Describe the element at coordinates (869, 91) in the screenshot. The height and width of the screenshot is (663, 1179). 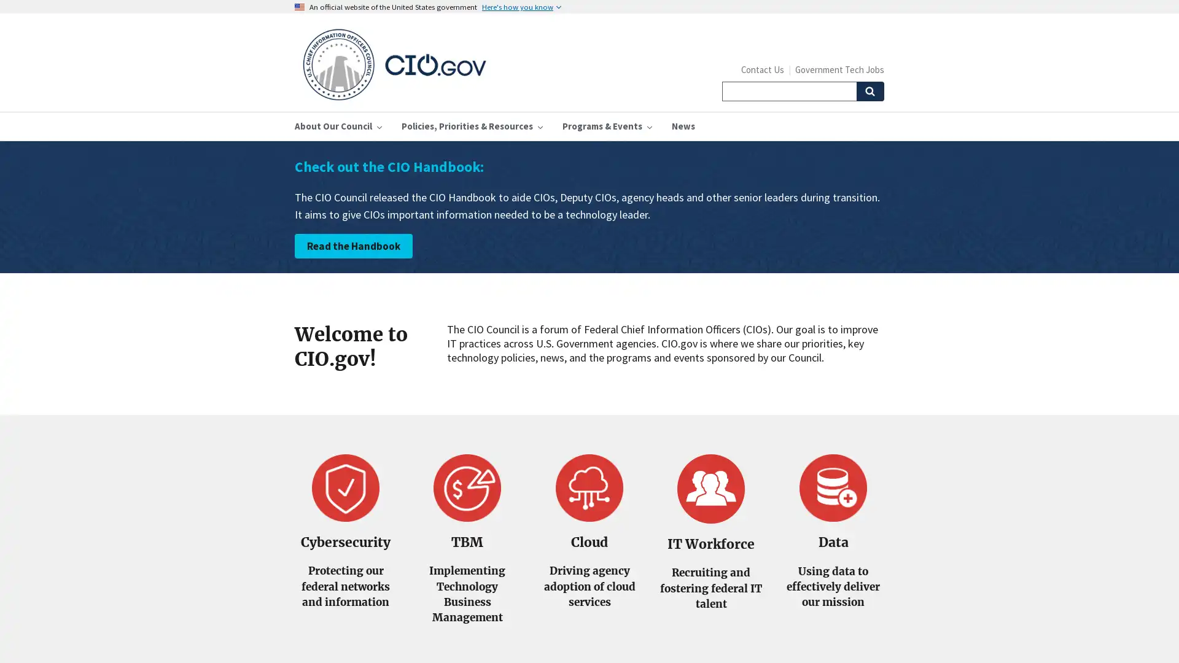
I see `Search` at that location.